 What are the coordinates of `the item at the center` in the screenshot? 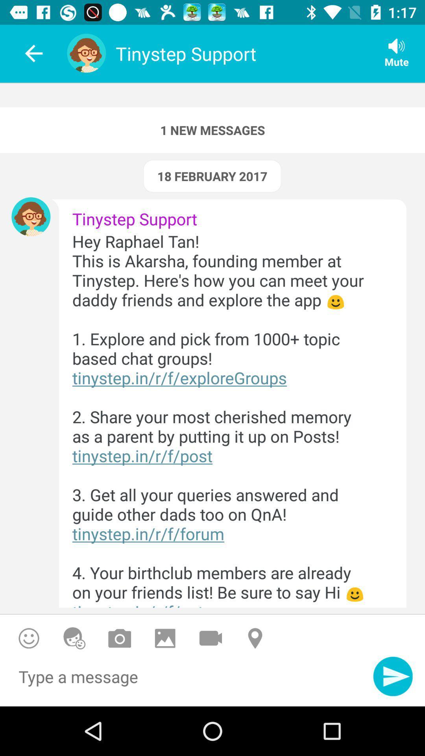 It's located at (226, 418).